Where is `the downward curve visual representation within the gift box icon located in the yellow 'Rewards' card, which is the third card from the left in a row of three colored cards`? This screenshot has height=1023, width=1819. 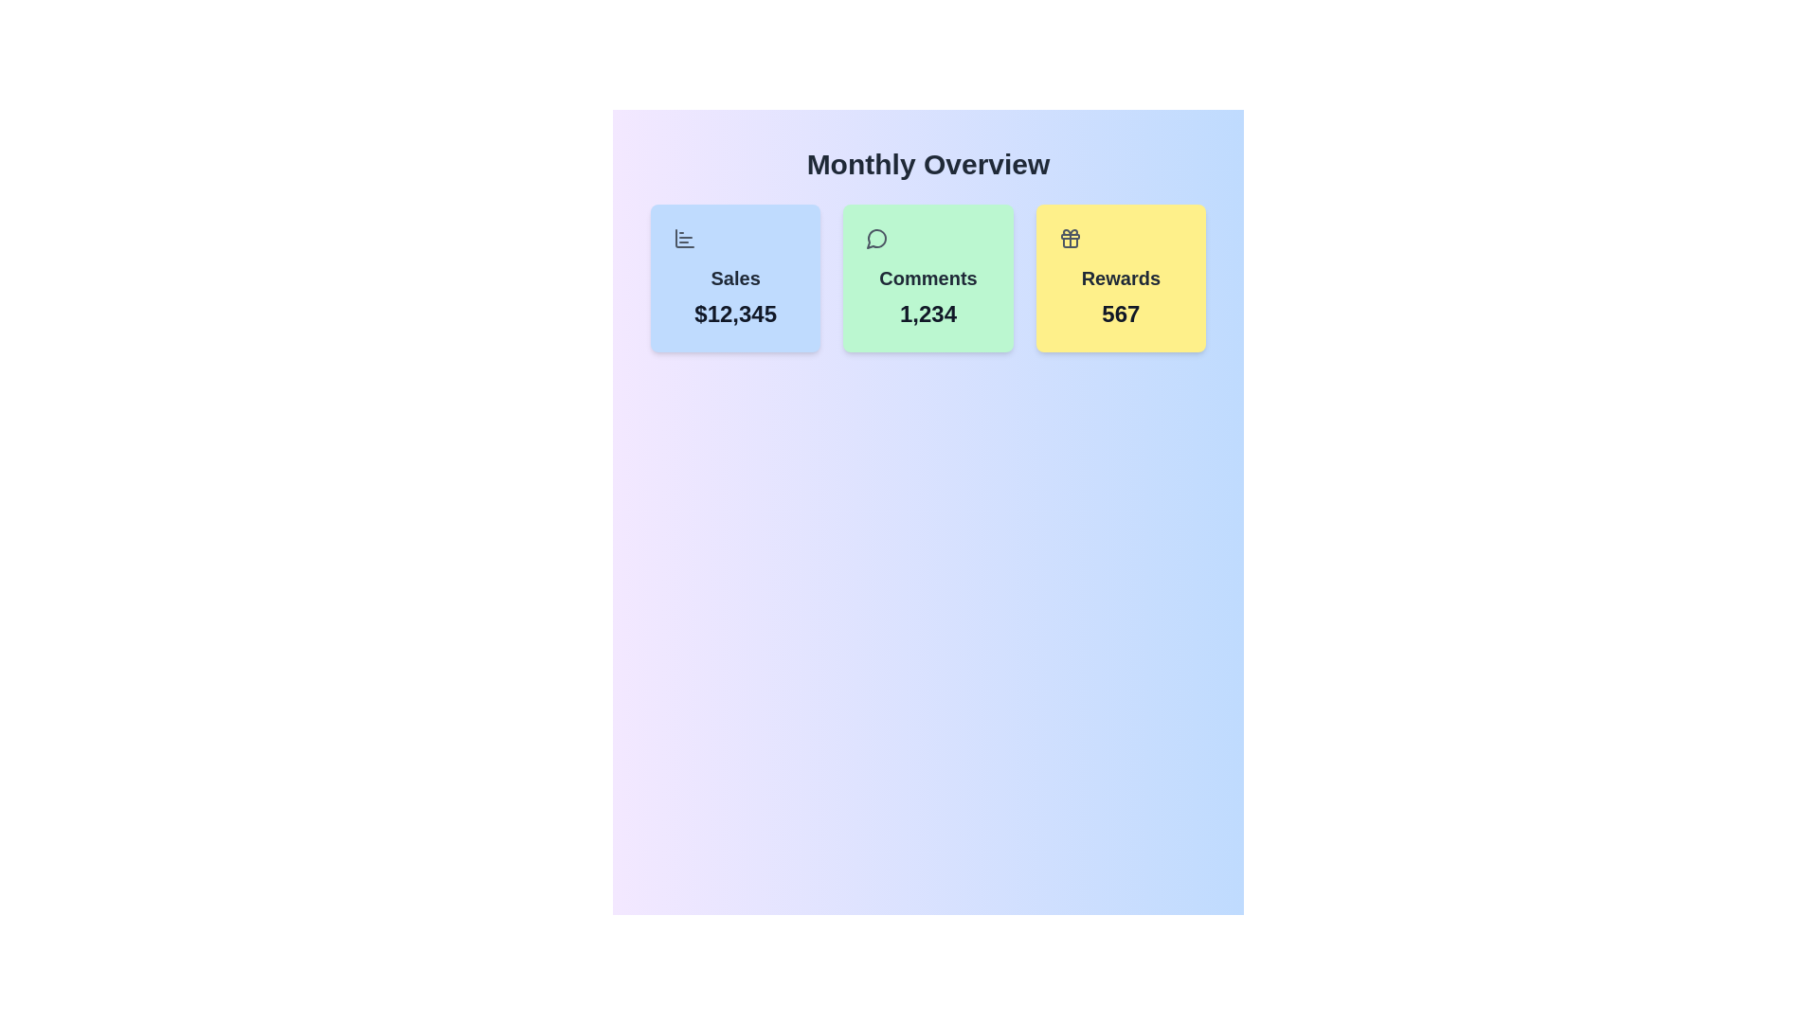
the downward curve visual representation within the gift box icon located in the yellow 'Rewards' card, which is the third card from the left in a row of three colored cards is located at coordinates (1070, 242).